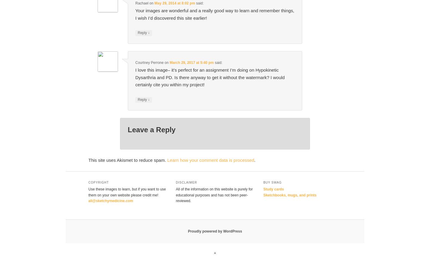 Image resolution: width=430 pixels, height=260 pixels. Describe the element at coordinates (99, 182) in the screenshot. I see `'Copyright'` at that location.